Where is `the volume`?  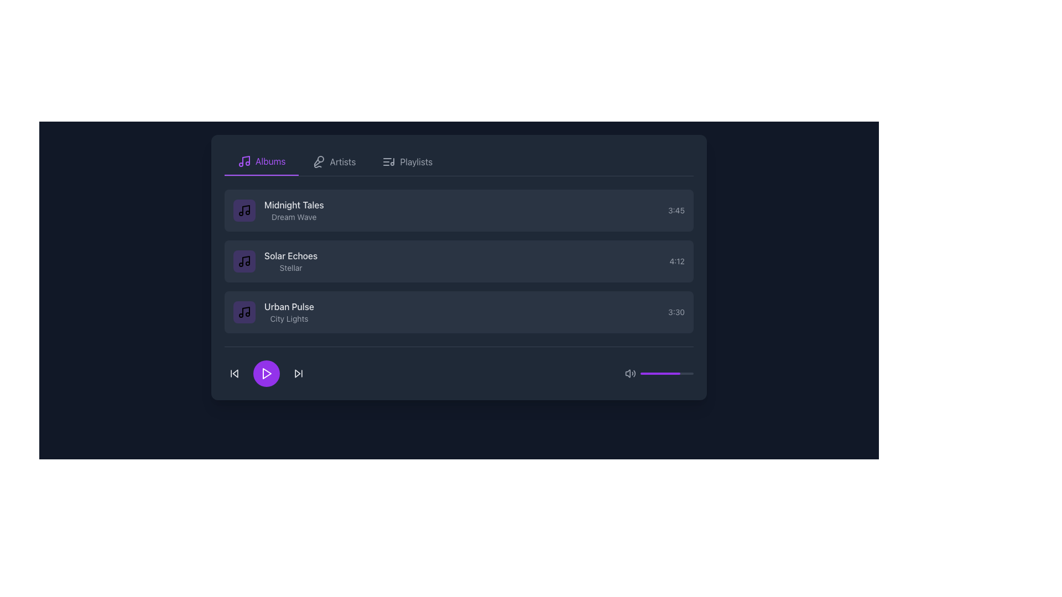 the volume is located at coordinates (644, 373).